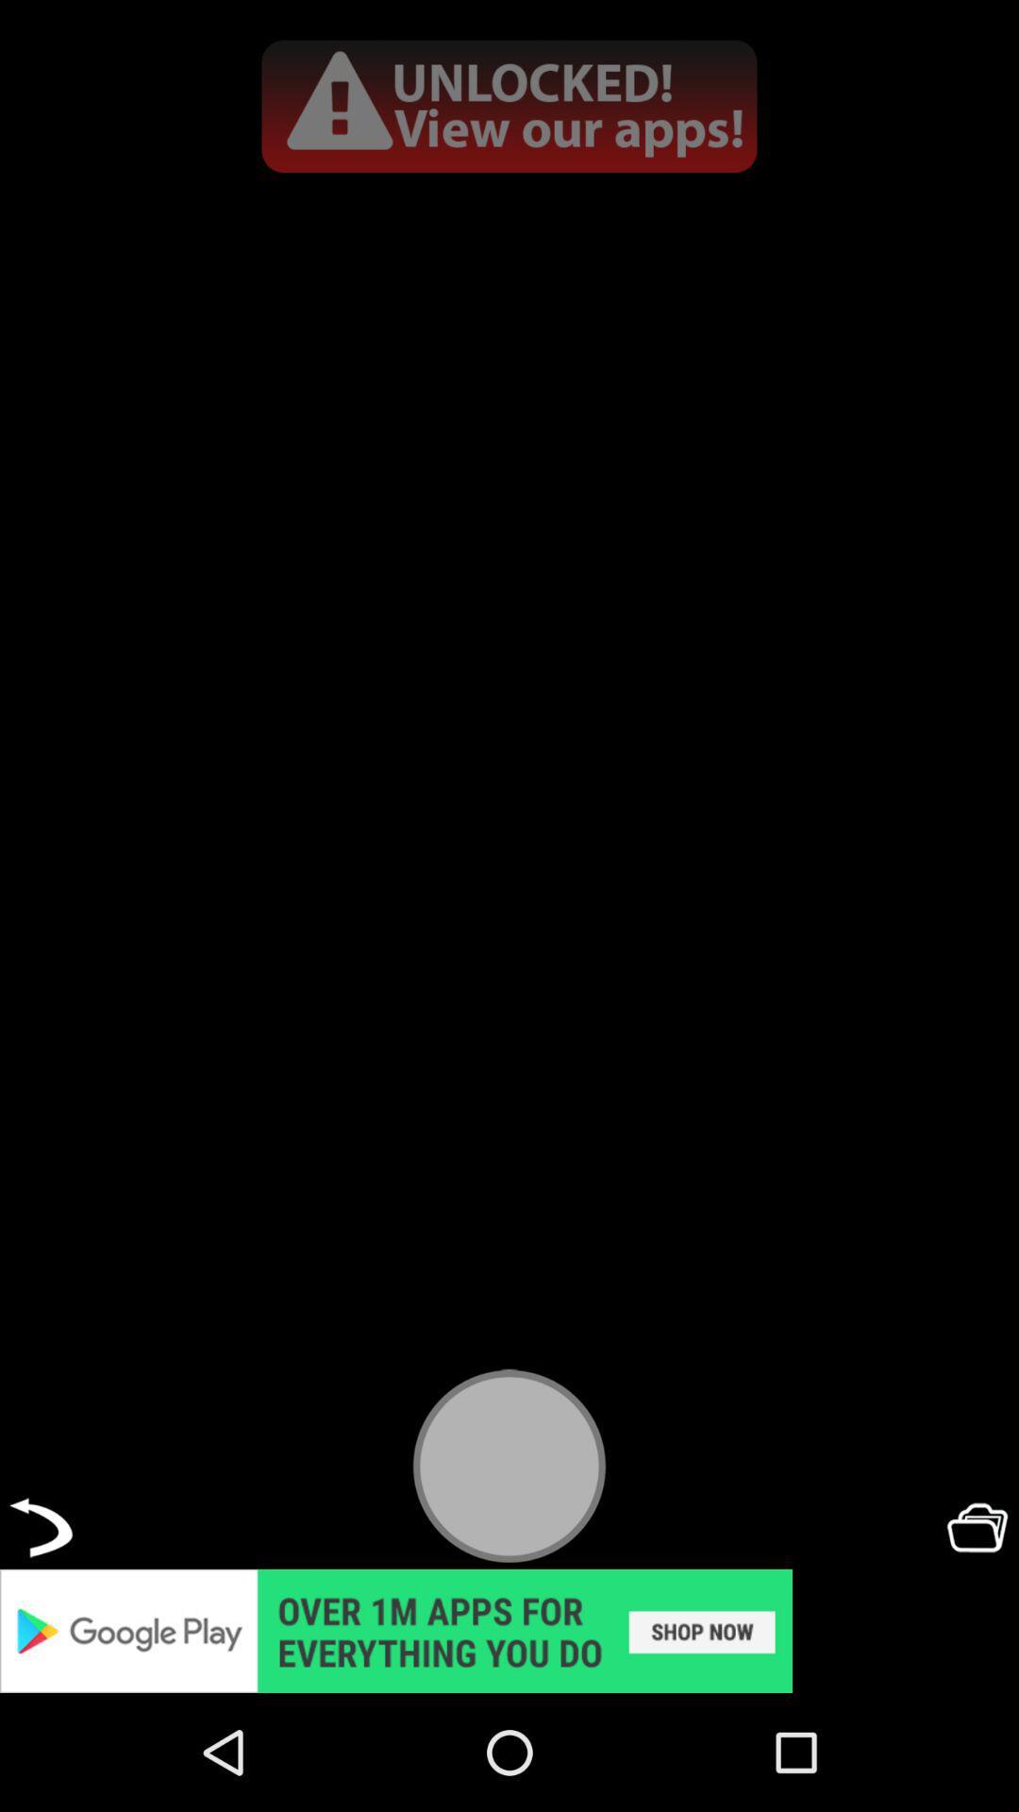 This screenshot has width=1019, height=1812. I want to click on click advertisement, so click(509, 1630).